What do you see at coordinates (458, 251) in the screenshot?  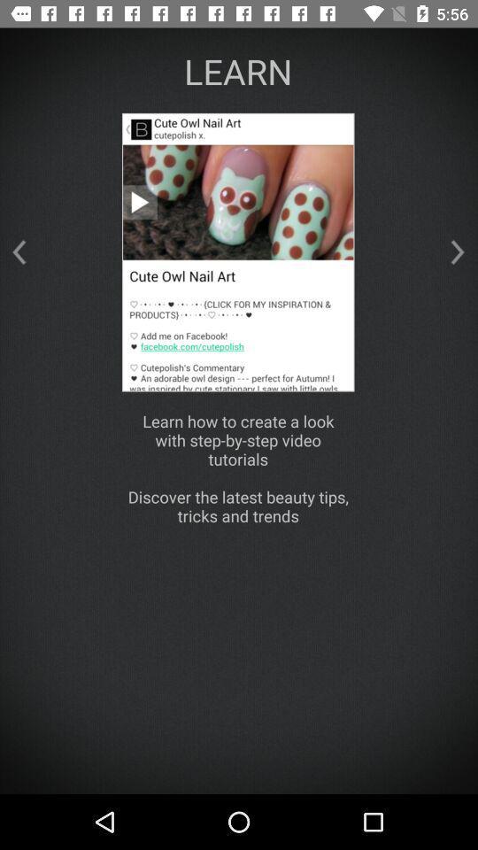 I see `the arrow_forward icon` at bounding box center [458, 251].